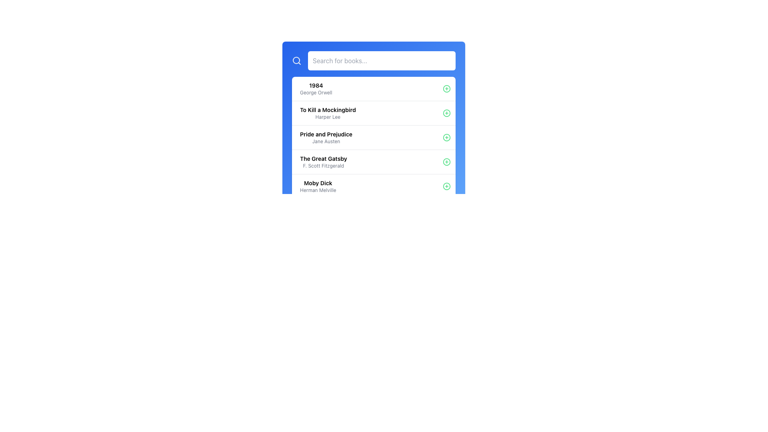 The height and width of the screenshot is (432, 768). I want to click on the text label indicating the title of the fourth book in the list, which provides important context for users browsing the book list, so click(323, 159).